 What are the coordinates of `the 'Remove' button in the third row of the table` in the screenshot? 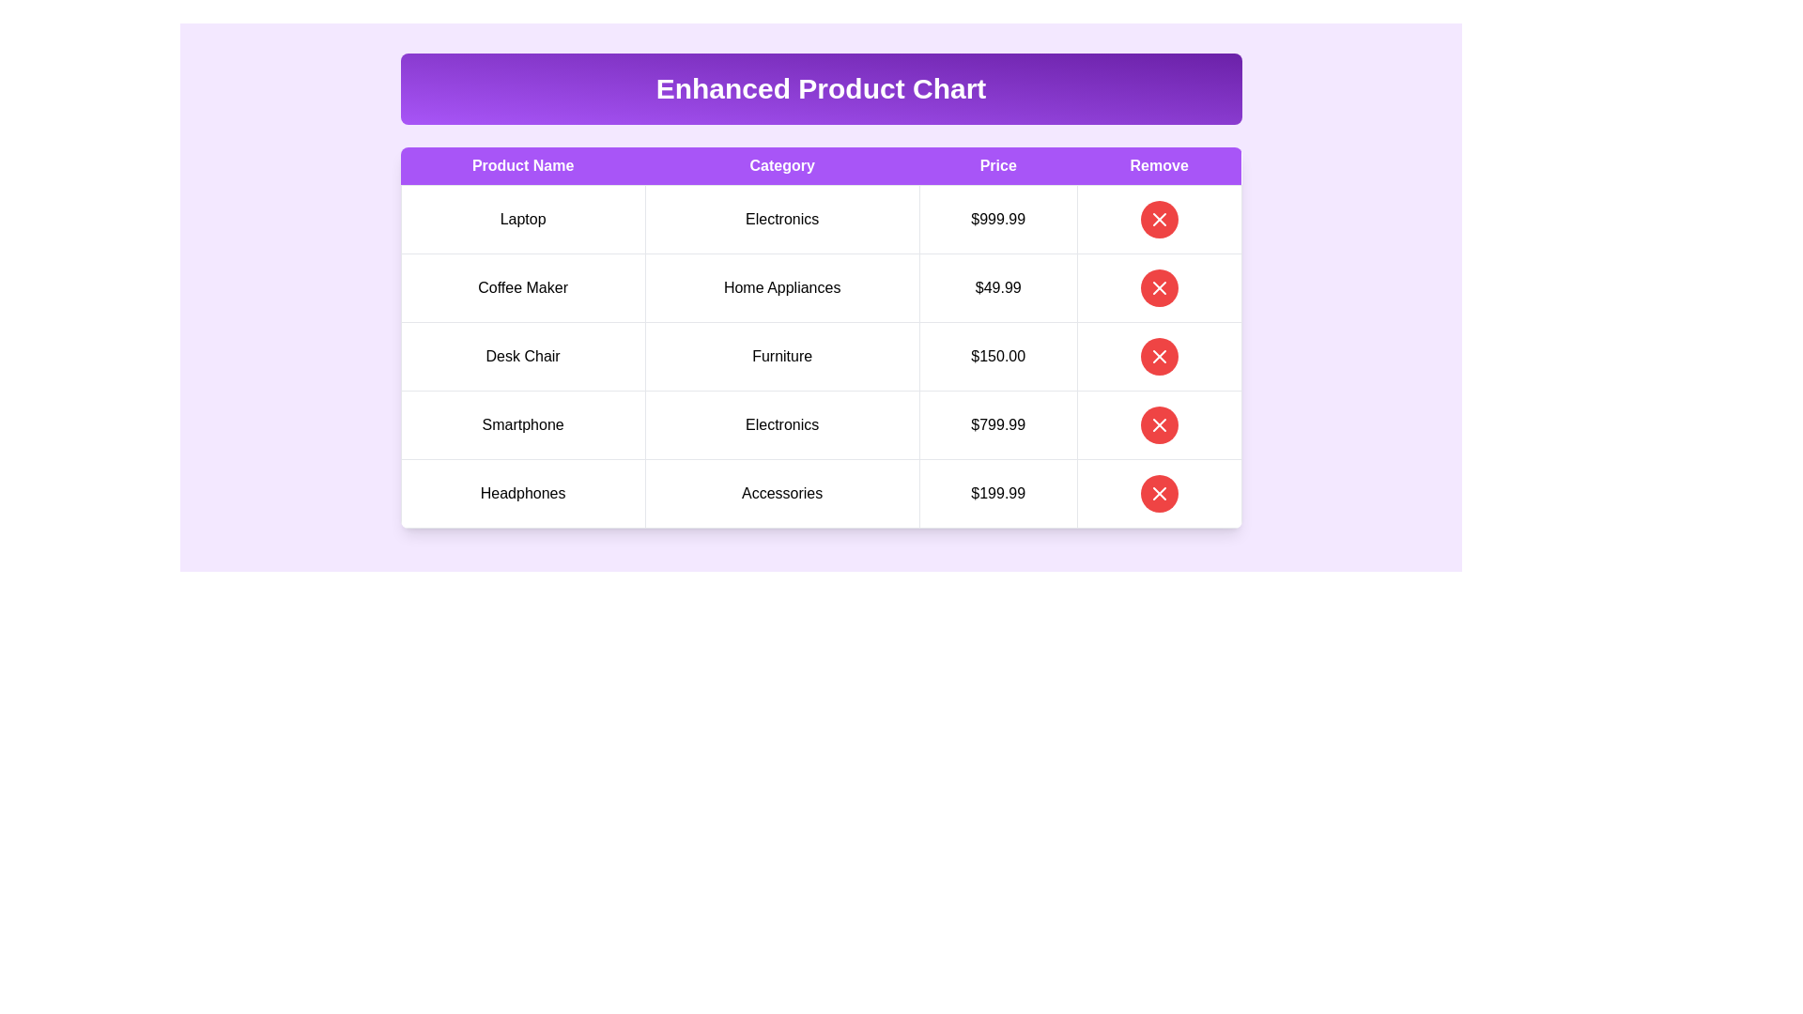 It's located at (1157, 357).